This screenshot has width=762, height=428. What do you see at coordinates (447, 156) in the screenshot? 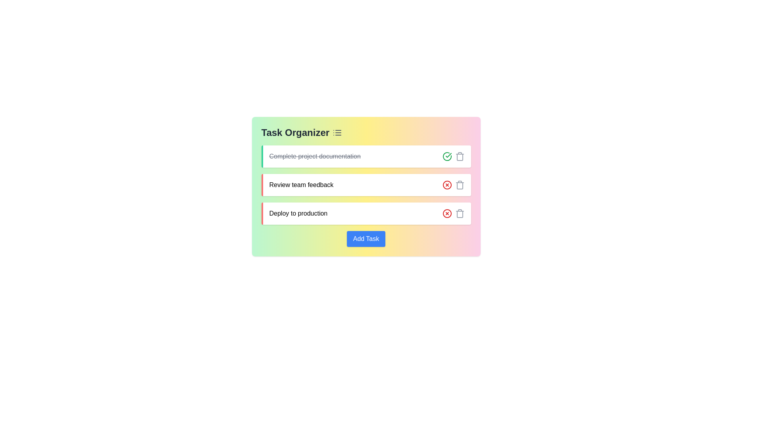
I see `the green circular checkmark icon button in the task management interface` at bounding box center [447, 156].